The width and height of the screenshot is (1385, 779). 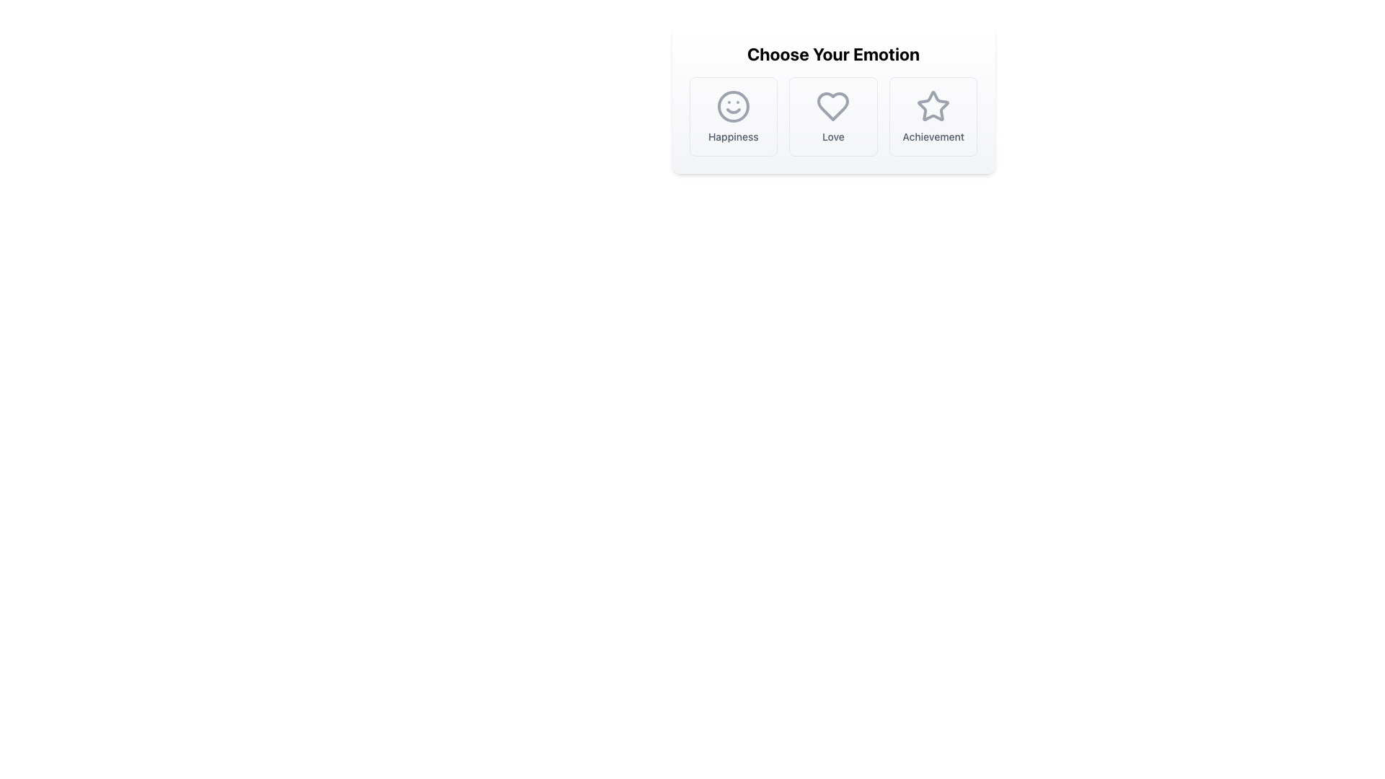 What do you see at coordinates (833, 105) in the screenshot?
I see `the heart-shaped icon outlined in gray, which represents love or affection, located in the 'Love' card within a minimalistic interface` at bounding box center [833, 105].